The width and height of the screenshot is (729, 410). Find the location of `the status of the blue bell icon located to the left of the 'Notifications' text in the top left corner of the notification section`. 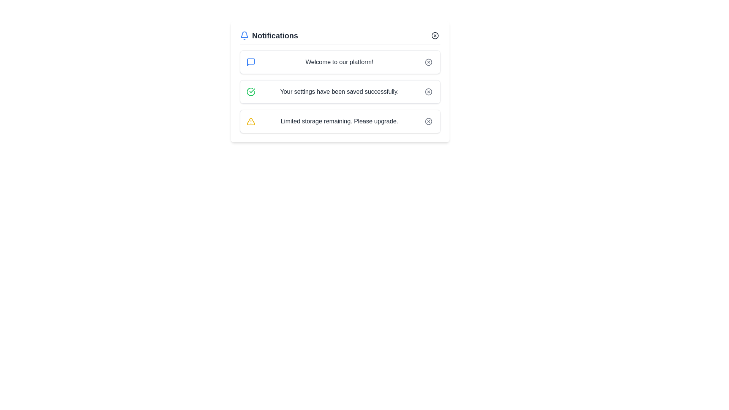

the status of the blue bell icon located to the left of the 'Notifications' text in the top left corner of the notification section is located at coordinates (244, 35).